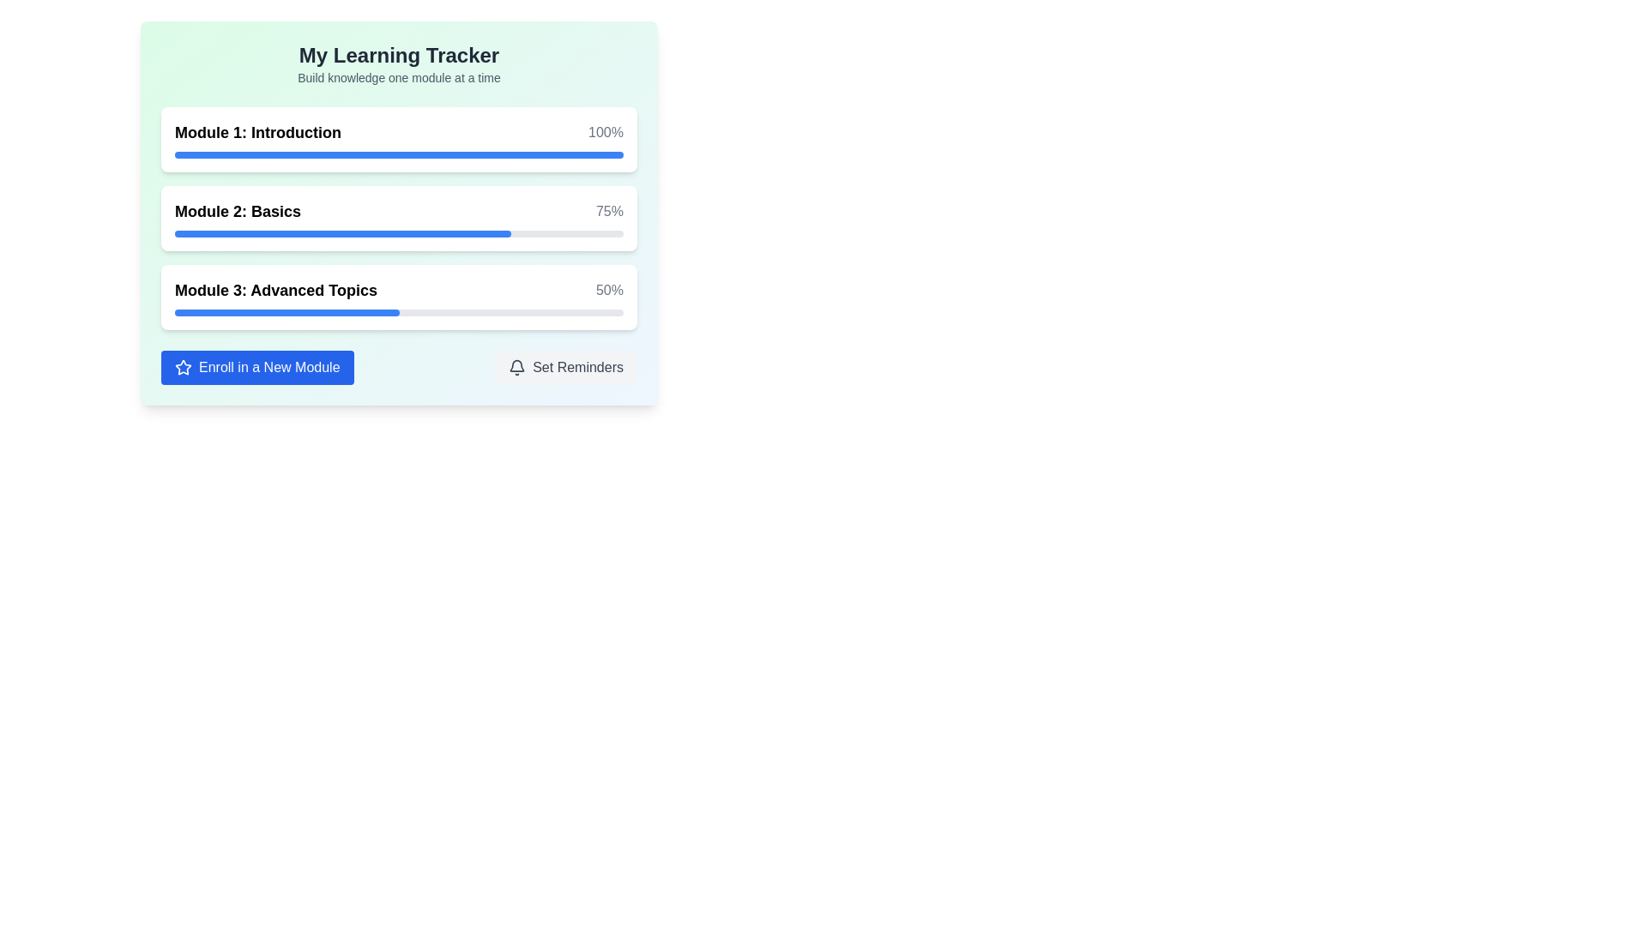  I want to click on the progress bar representing the completion of 'Module 1: Introduction', which is centrally positioned in a white, rounded rectangular section, so click(398, 155).